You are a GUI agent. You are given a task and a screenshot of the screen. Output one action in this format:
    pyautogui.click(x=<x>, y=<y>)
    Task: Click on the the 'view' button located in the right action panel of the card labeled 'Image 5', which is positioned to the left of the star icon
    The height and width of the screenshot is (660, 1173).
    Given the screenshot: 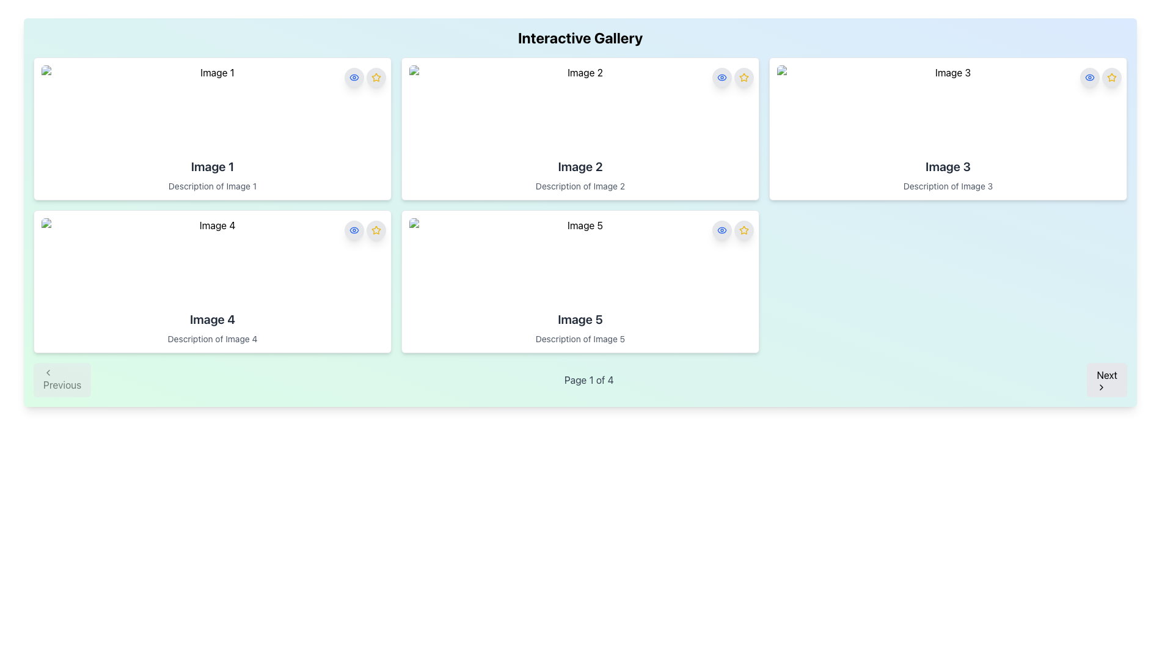 What is the action you would take?
    pyautogui.click(x=722, y=230)
    